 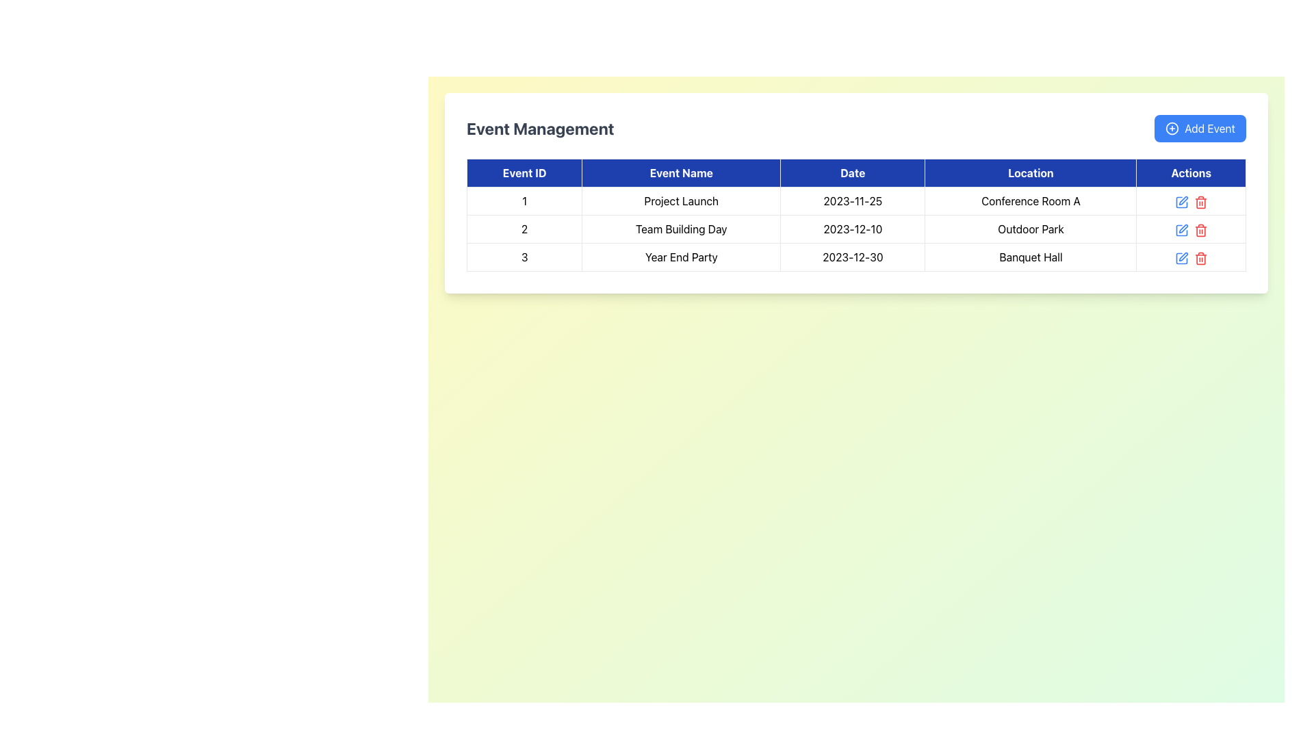 I want to click on the text component displaying the number '1' in the Event ID column of the event management table, located in the first cell of the first row, so click(x=524, y=200).